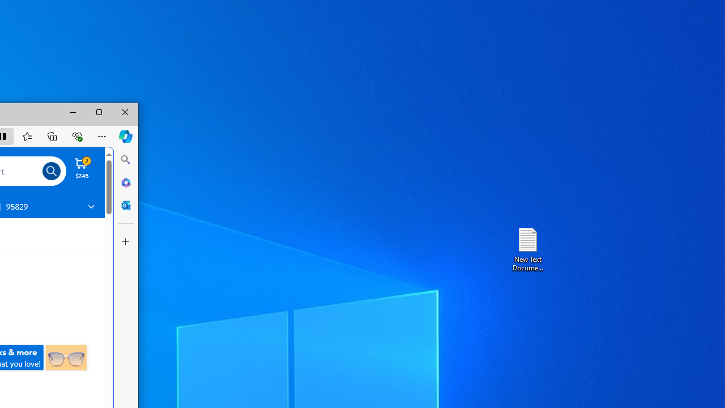  Describe the element at coordinates (99, 112) in the screenshot. I see `'Maximize'` at that location.